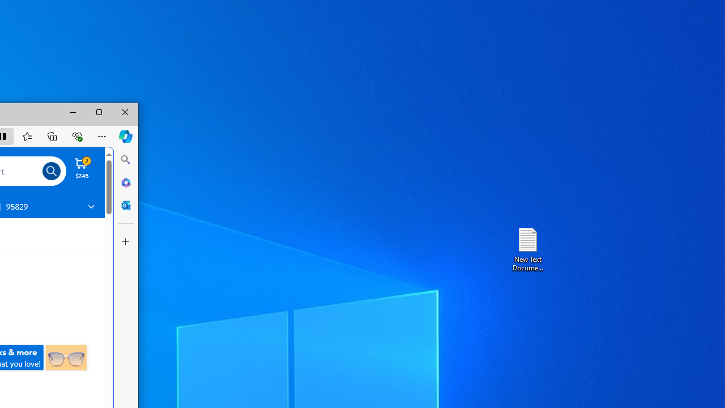  Describe the element at coordinates (99, 112) in the screenshot. I see `'Maximize'` at that location.